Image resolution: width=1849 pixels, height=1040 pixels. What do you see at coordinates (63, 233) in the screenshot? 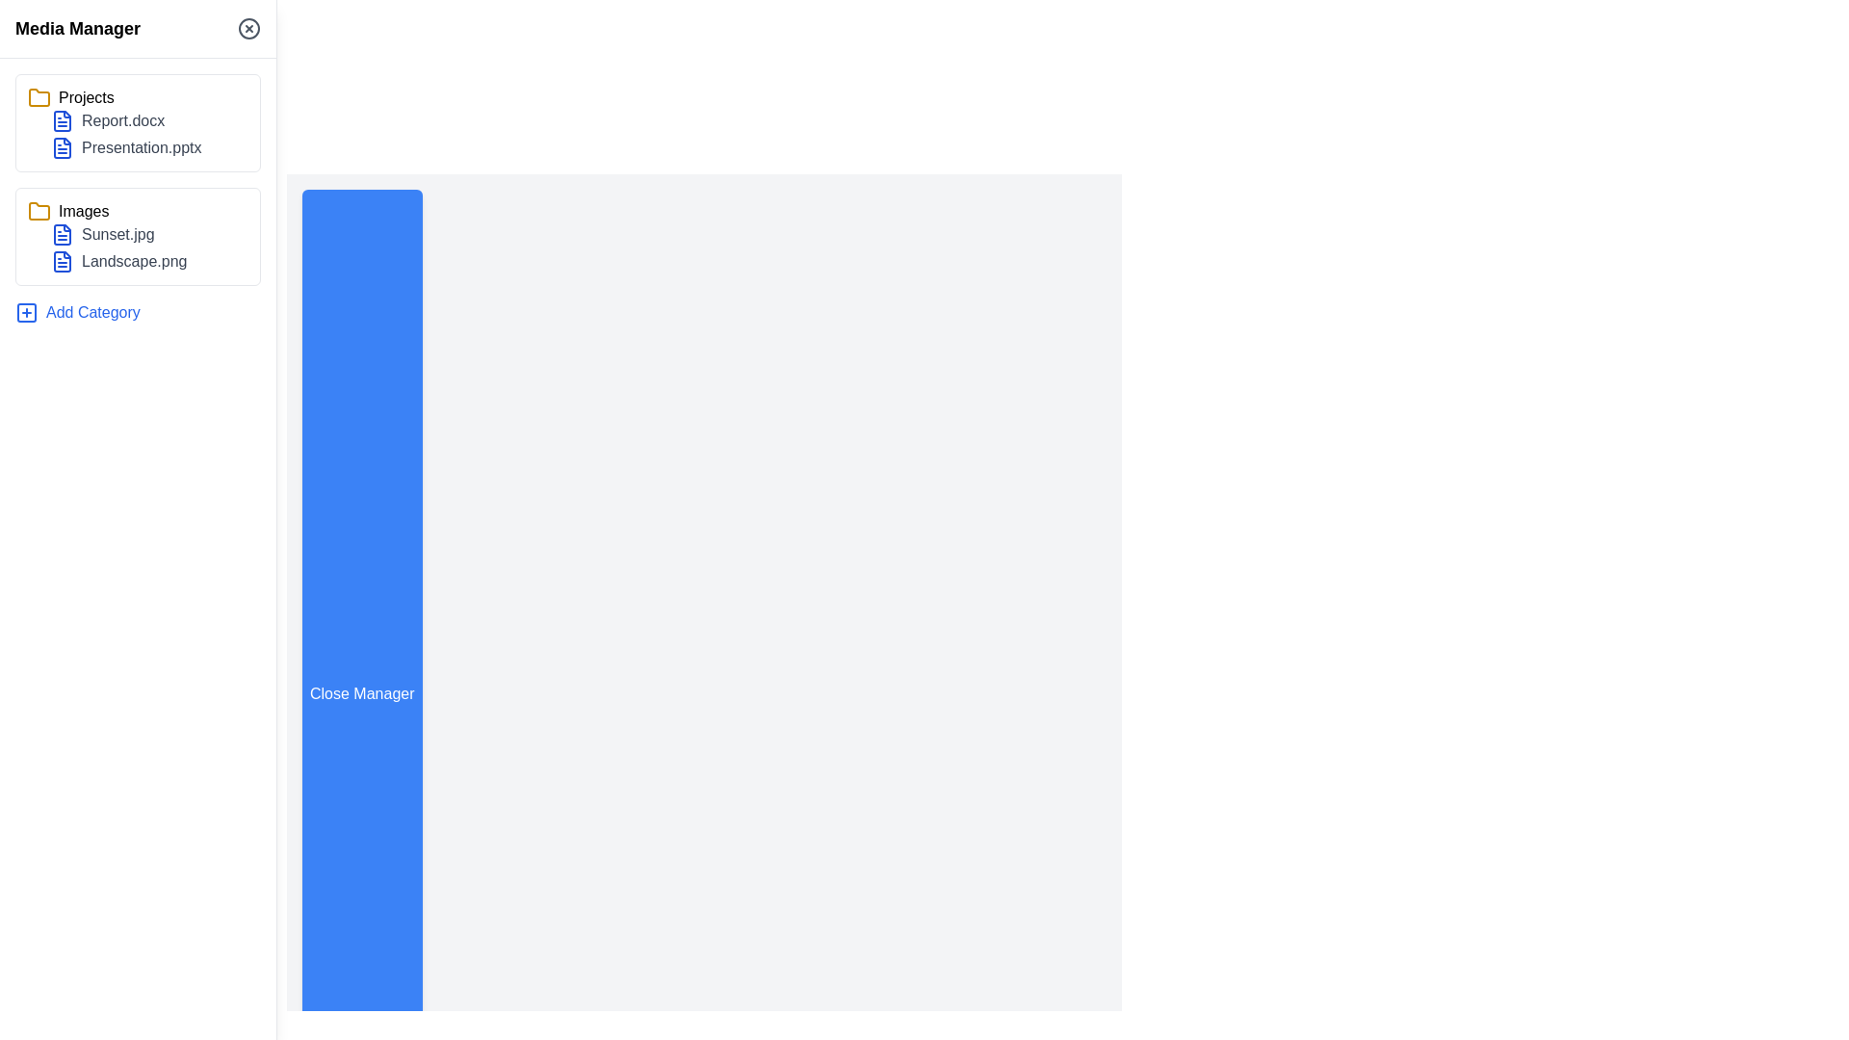
I see `the icon representing the file 'Sunset.jpg' located` at bounding box center [63, 233].